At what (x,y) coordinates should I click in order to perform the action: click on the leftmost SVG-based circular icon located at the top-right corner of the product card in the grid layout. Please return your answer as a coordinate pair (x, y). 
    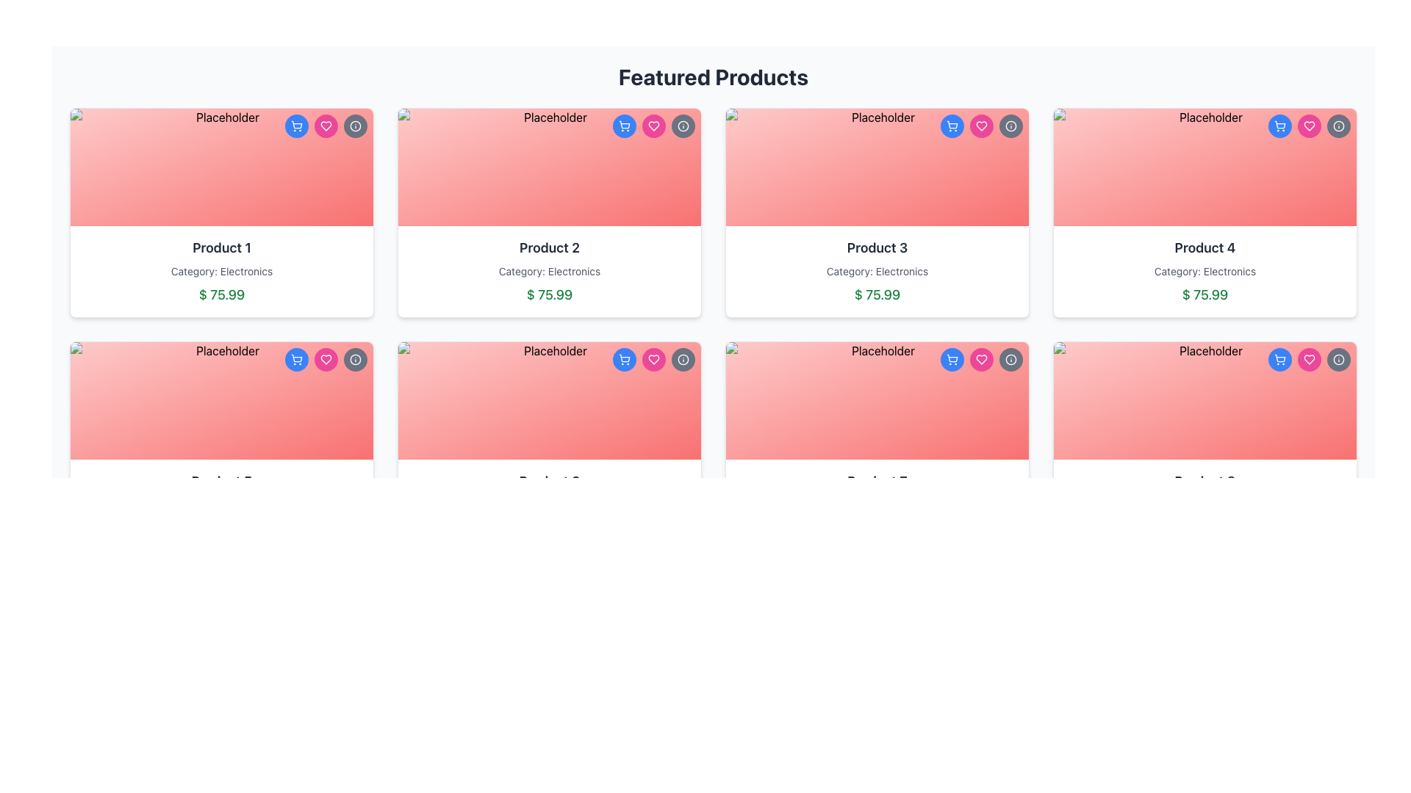
    Looking at the image, I should click on (683, 126).